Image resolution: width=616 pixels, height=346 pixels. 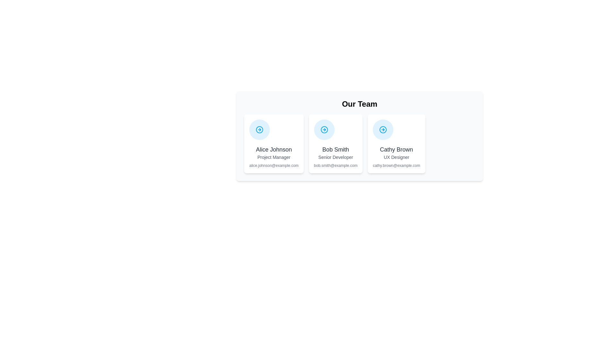 What do you see at coordinates (324, 130) in the screenshot?
I see `the circular component located centrally in the 'Circle-Arrow-Right' icon for Bob Smith within the second card of the 'Our Team' section` at bounding box center [324, 130].